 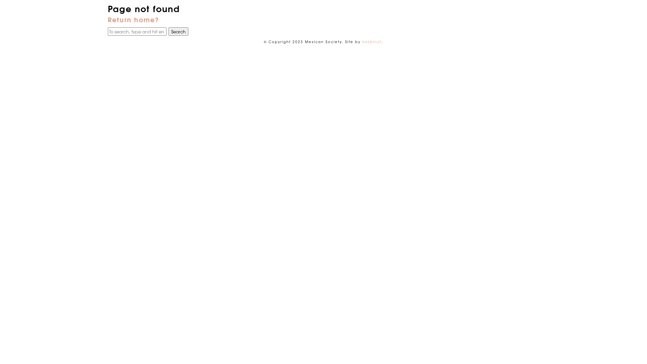 I want to click on 'Return home?', so click(x=133, y=19).